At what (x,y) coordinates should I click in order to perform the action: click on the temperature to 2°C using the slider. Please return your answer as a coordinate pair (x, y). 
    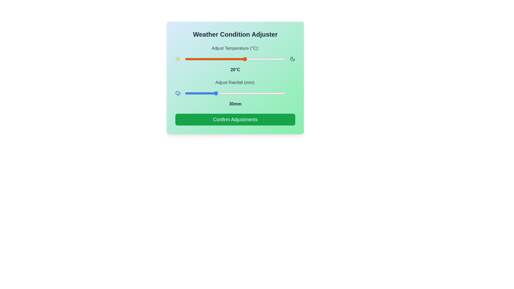
    Looking at the image, I should click on (209, 59).